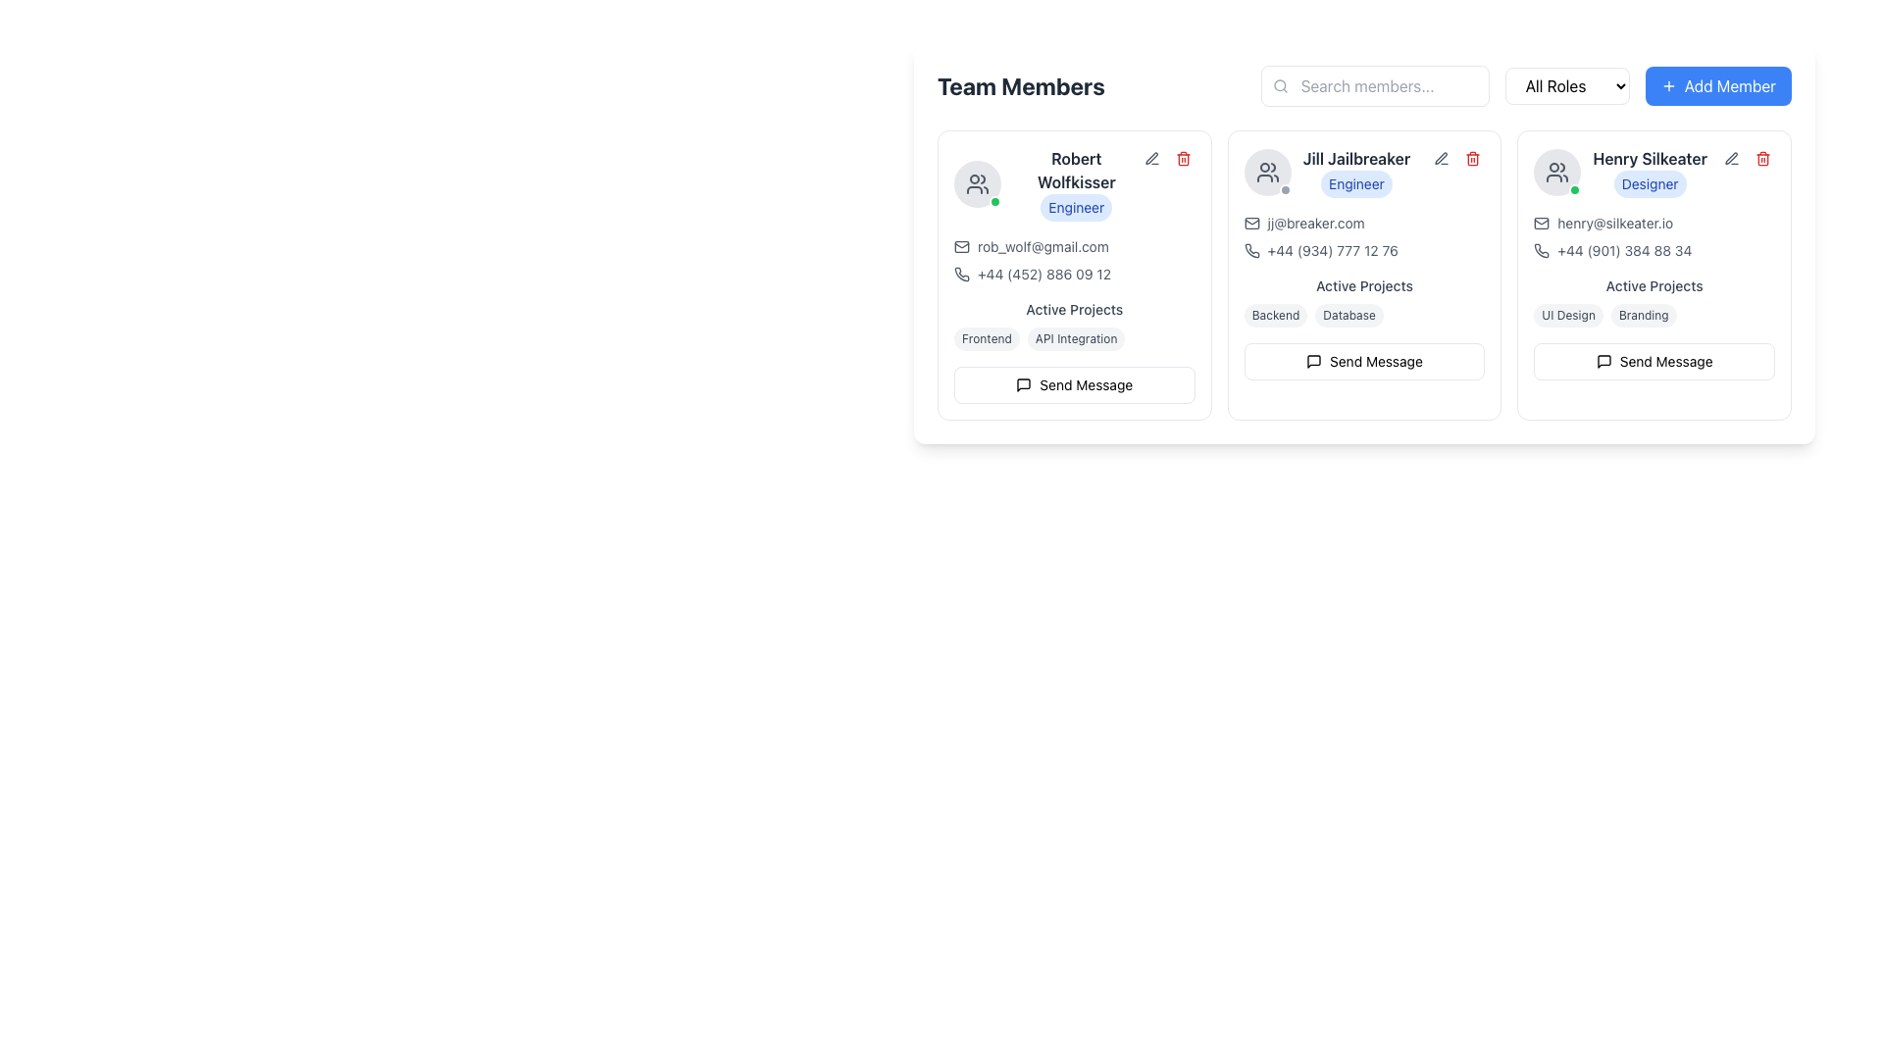 The width and height of the screenshot is (1883, 1059). I want to click on the text label displaying 'Robert Wolfkisser', which is styled in bold, dark gray font and positioned above the label 'Engineer' in the first card under 'Team Members', so click(1075, 169).